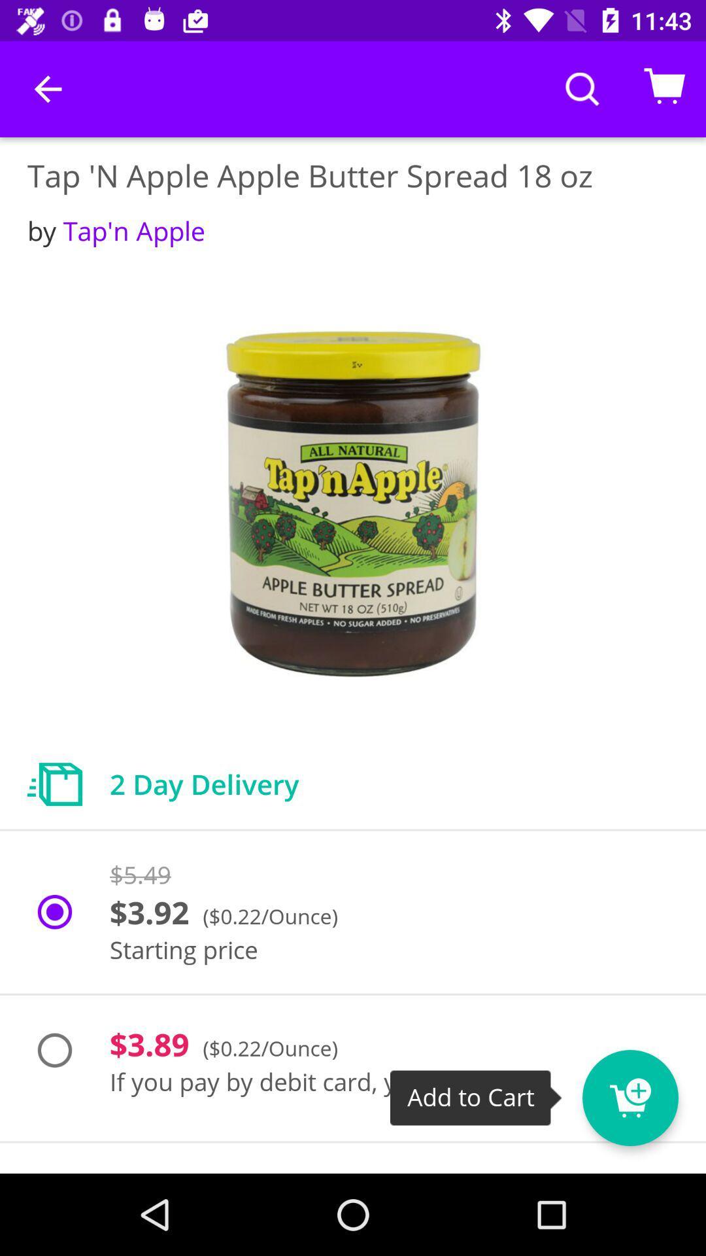 This screenshot has height=1256, width=706. Describe the element at coordinates (630, 1098) in the screenshot. I see `the cart icon` at that location.